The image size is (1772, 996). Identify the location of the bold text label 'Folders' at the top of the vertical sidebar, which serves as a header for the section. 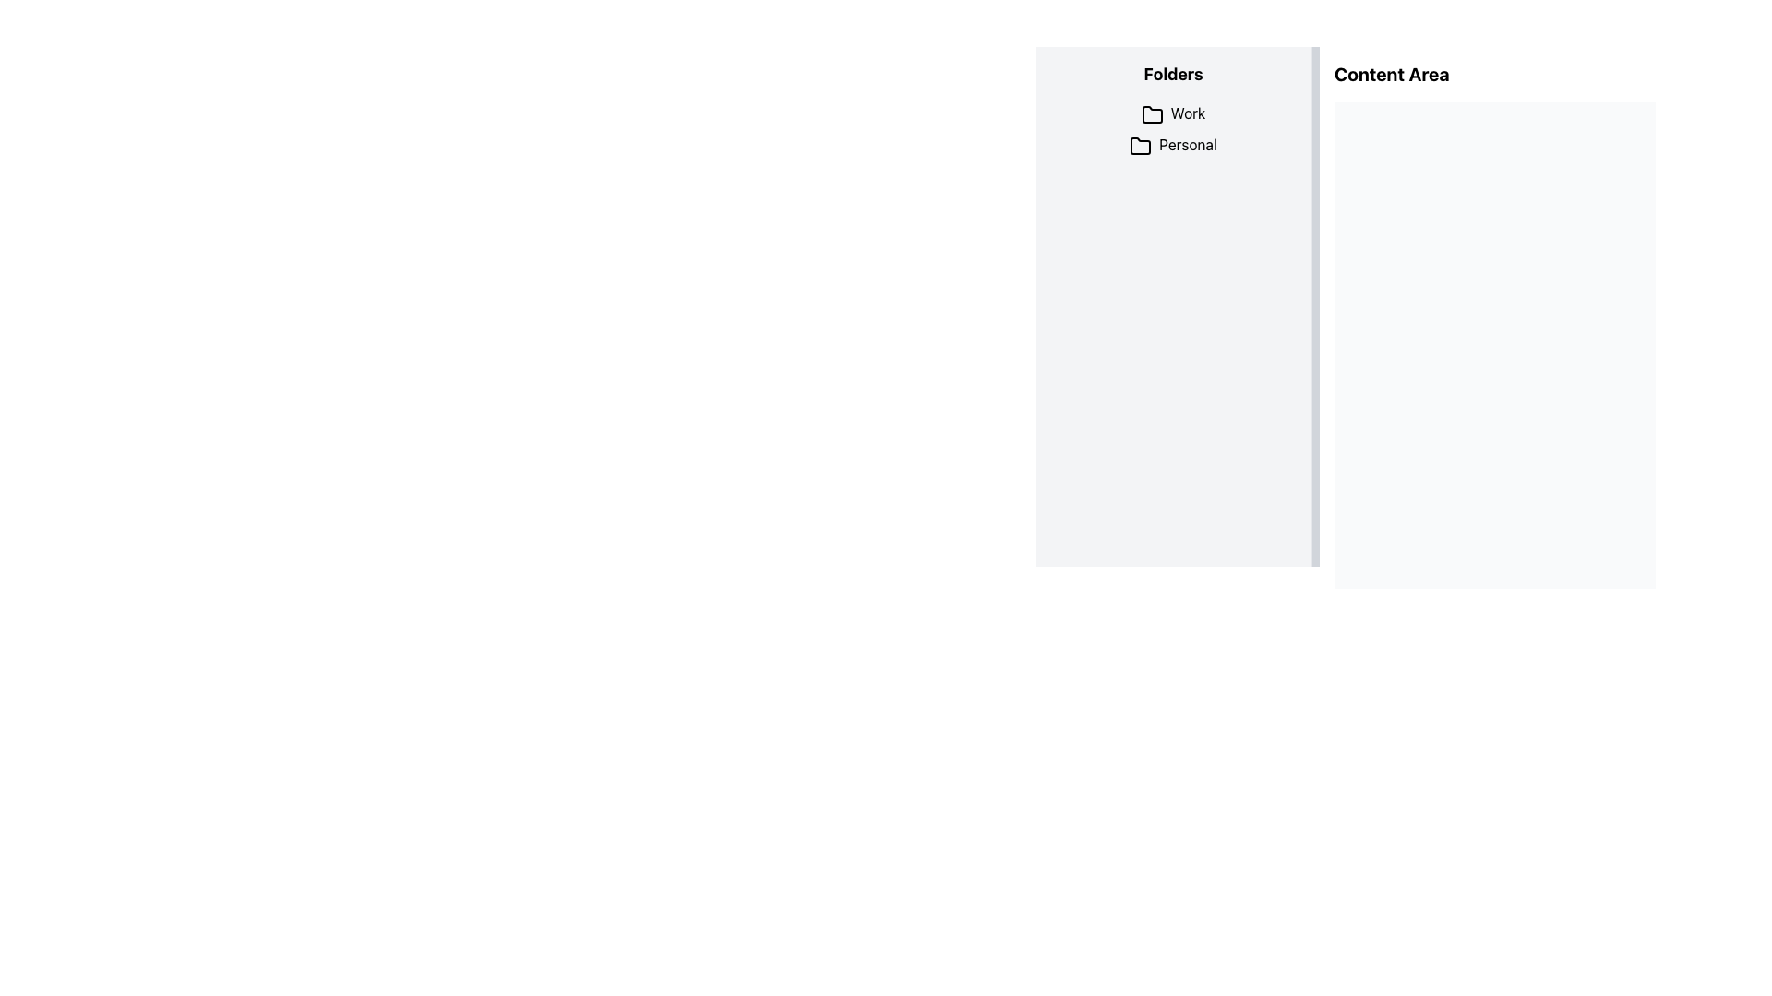
(1172, 74).